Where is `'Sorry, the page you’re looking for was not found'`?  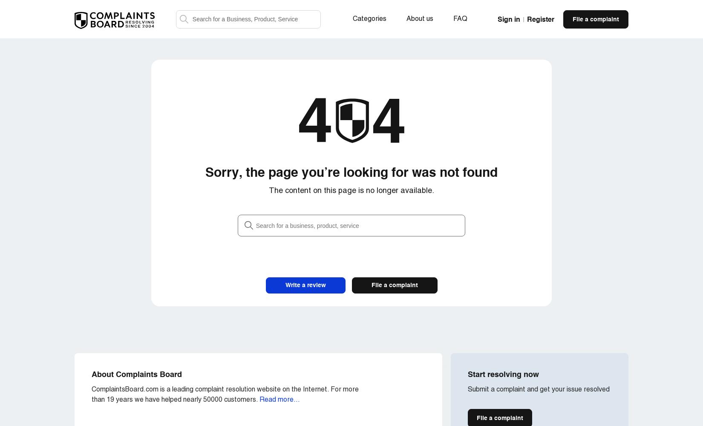
'Sorry, the page you’re looking for was not found' is located at coordinates (351, 173).